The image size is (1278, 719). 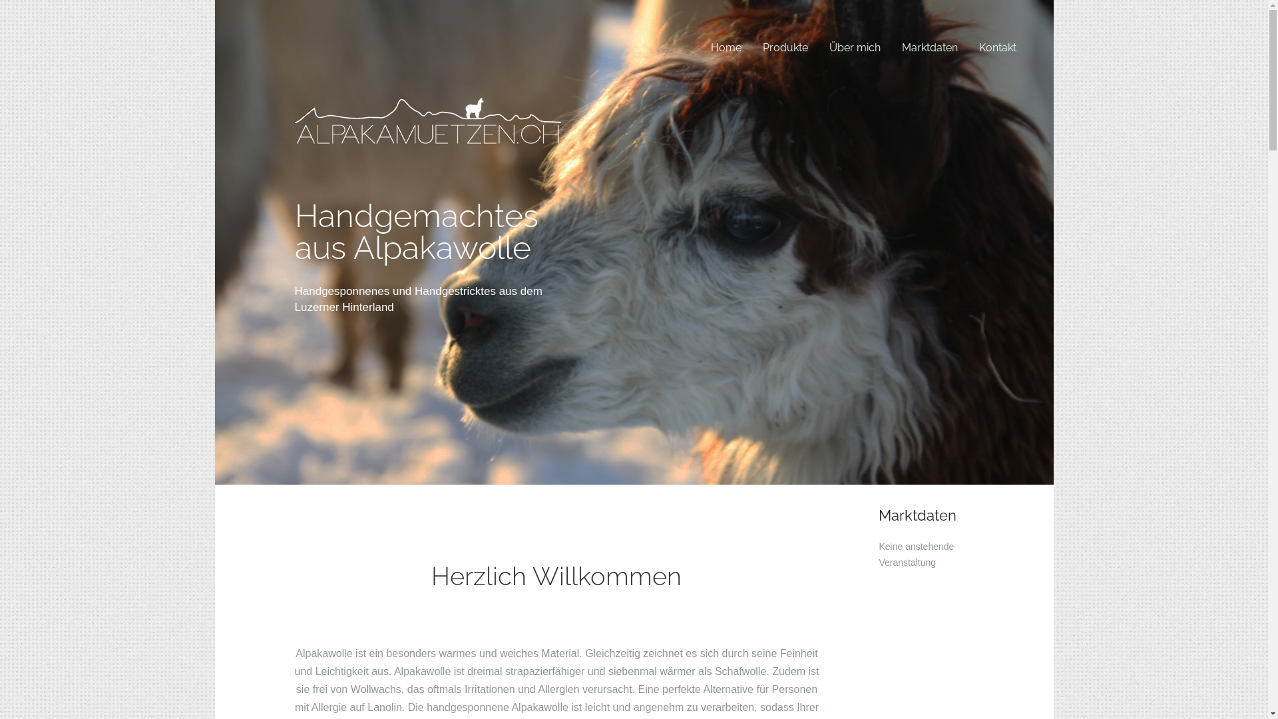 I want to click on 'Kontakt', so click(x=968, y=46).